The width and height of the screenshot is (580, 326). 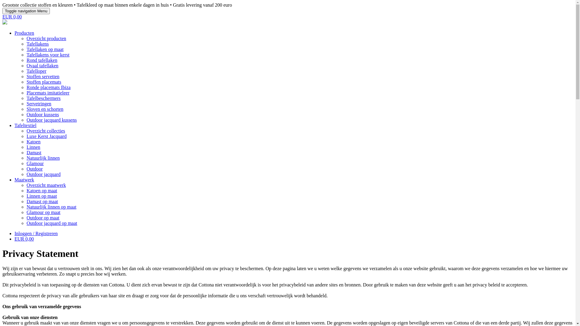 What do you see at coordinates (33, 147) in the screenshot?
I see `'Linnen'` at bounding box center [33, 147].